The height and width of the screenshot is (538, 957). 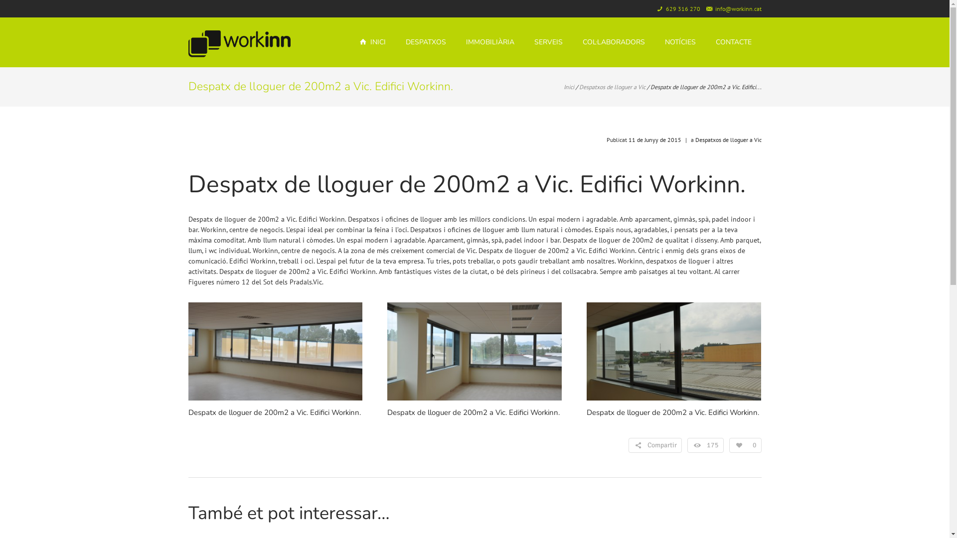 I want to click on 'info@workinn.cat', so click(x=738, y=8).